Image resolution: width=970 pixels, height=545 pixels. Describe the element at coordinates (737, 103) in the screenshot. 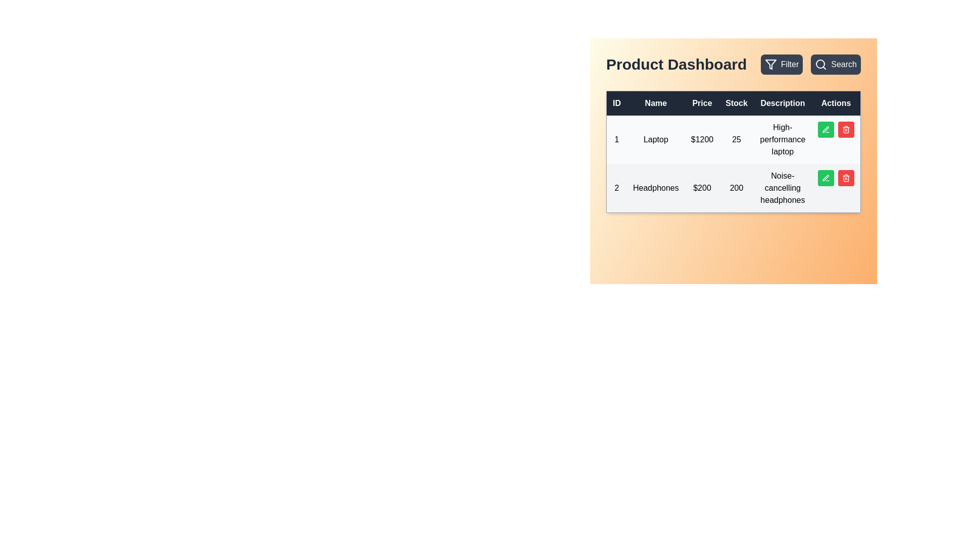

I see `the Text label that serves as the fourth column header in the table, indicating stock quantities or availability, located in the upper center of the layout` at that location.